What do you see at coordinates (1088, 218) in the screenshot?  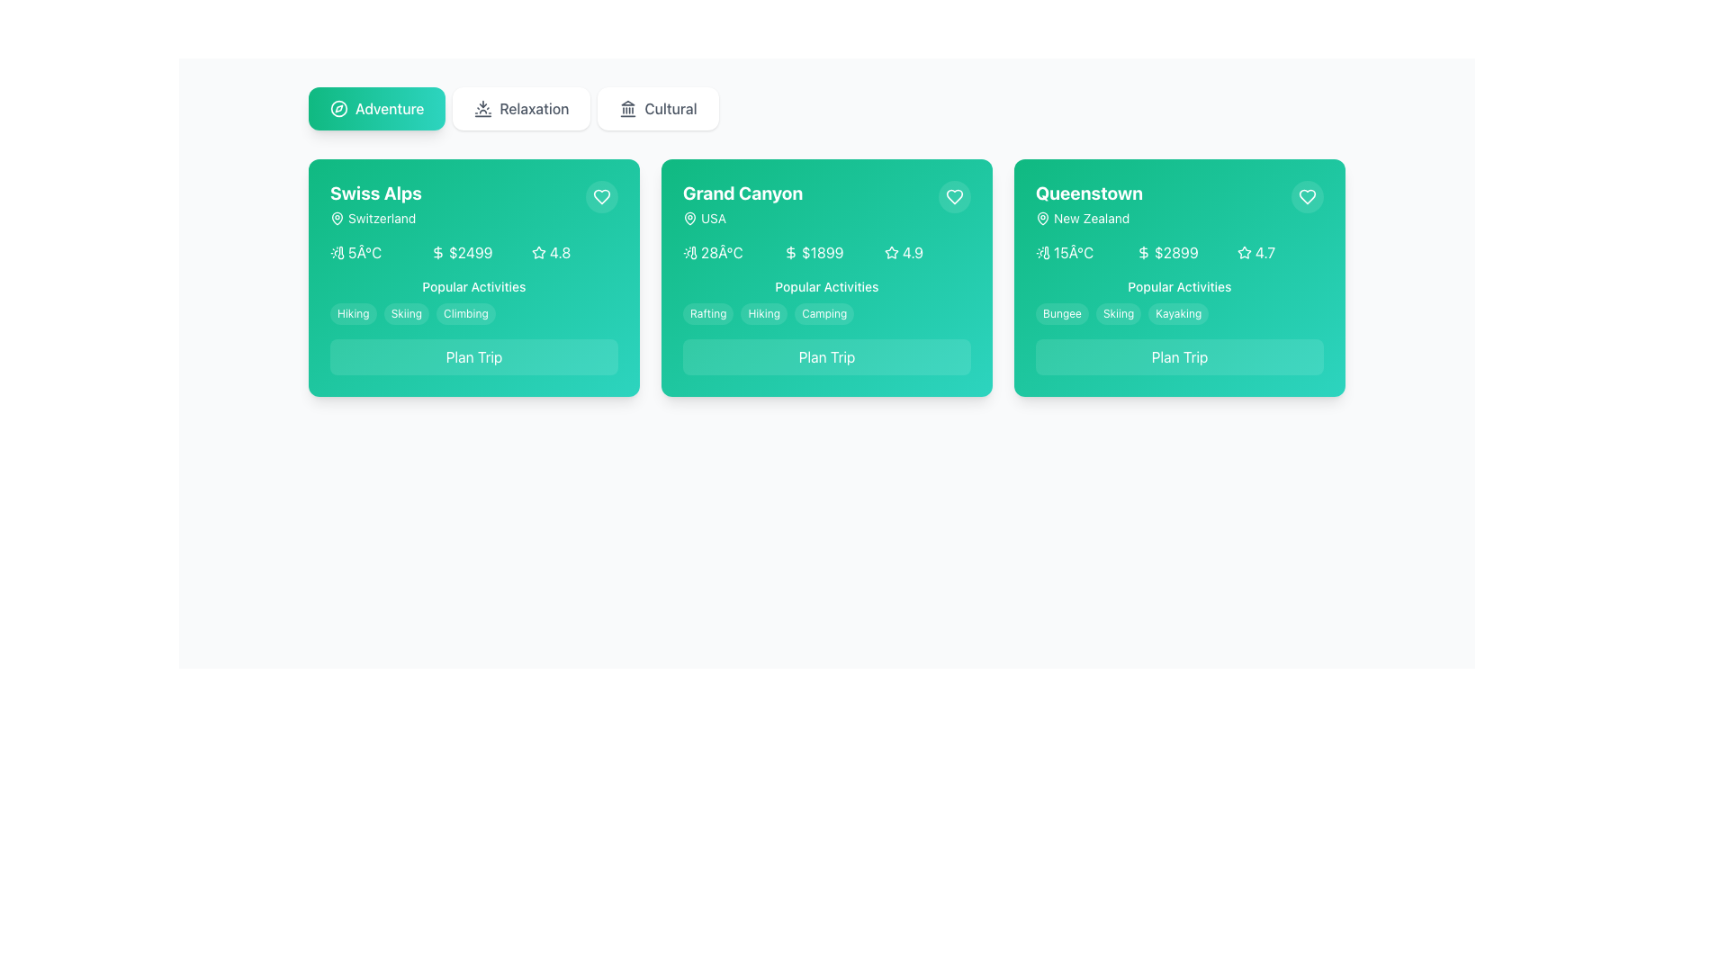 I see `text label 'New Zealand' located under the title 'Queenstown' in the rightmost card among three horizontally aligned cards` at bounding box center [1088, 218].